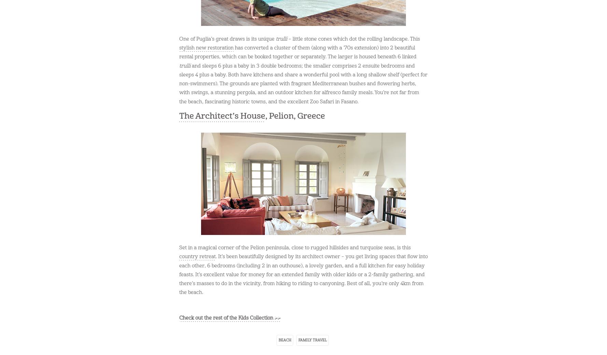  Describe the element at coordinates (303, 275) in the screenshot. I see `'. It’s been beautifully designed by its architect owner – you get living spaces that flow into each other, 6 bedrooms (including 2 in an outhouse), a lovely garden, and a full kitchen for easy holiday feasts. It’s excellent value for money for an extended family with older kids or a 2-family gathering, and there’s masses to do in the vicinity, from hiking to riding to canyoning. Best of all, you’re only 4km from the beach.'` at that location.